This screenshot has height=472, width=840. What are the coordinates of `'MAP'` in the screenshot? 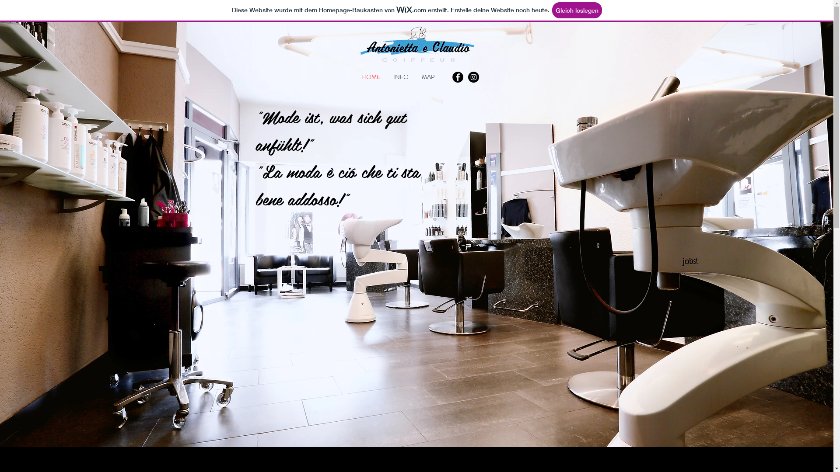 It's located at (427, 76).